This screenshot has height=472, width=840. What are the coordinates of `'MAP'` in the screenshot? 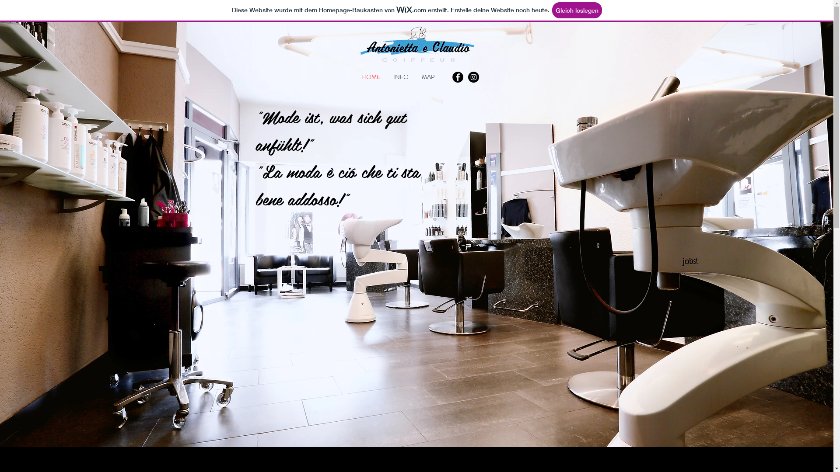 It's located at (427, 76).